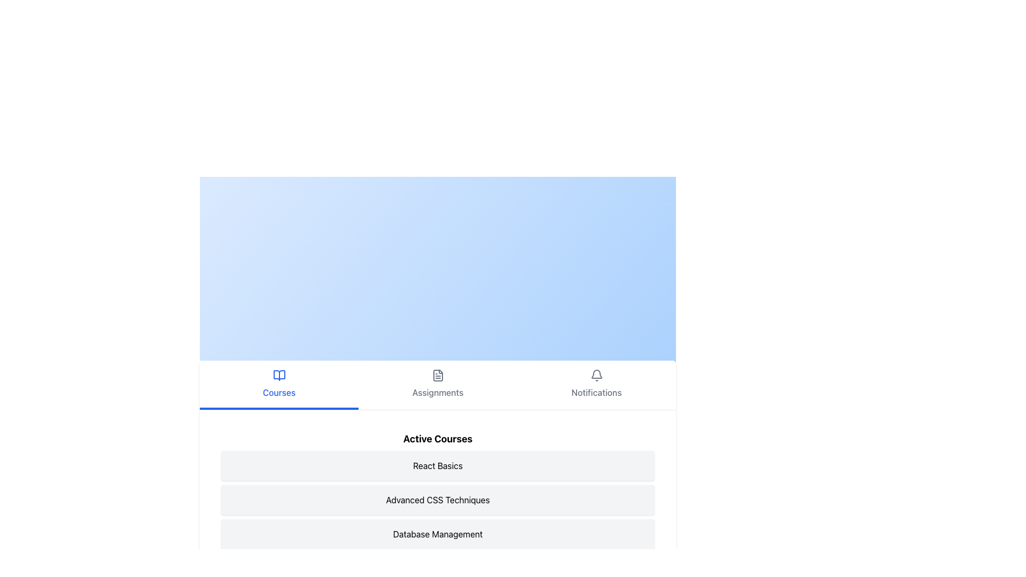 Image resolution: width=1026 pixels, height=577 pixels. Describe the element at coordinates (279, 375) in the screenshot. I see `the open book icon located in the bottom navigation bar, directly above the 'Courses' text` at that location.